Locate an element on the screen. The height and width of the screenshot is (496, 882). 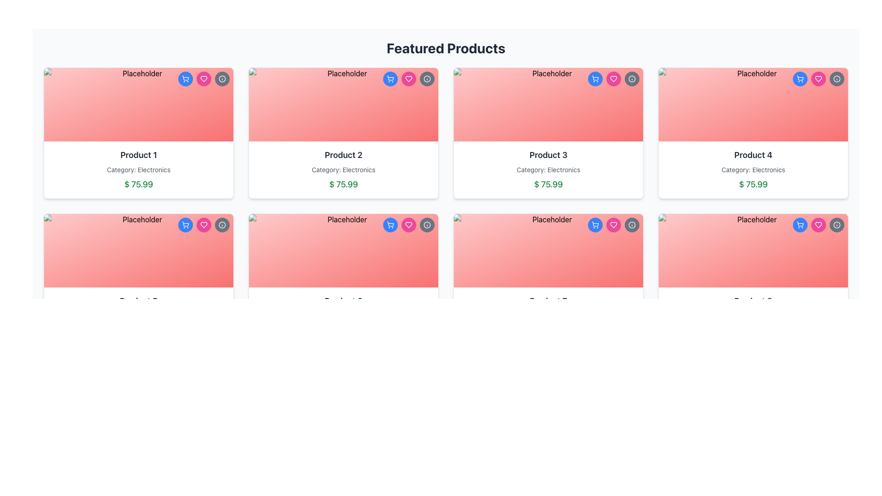
the heart-shaped icon button, styled with a pink fill, located in the top-right segment of the product card to mark it as a favorite is located at coordinates (818, 79).